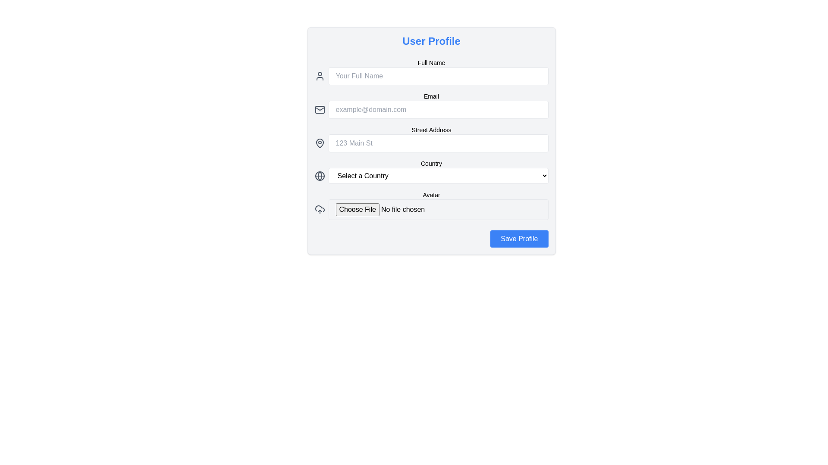 The height and width of the screenshot is (465, 828). What do you see at coordinates (438, 209) in the screenshot?
I see `the file input field labeled 'Avatar'` at bounding box center [438, 209].